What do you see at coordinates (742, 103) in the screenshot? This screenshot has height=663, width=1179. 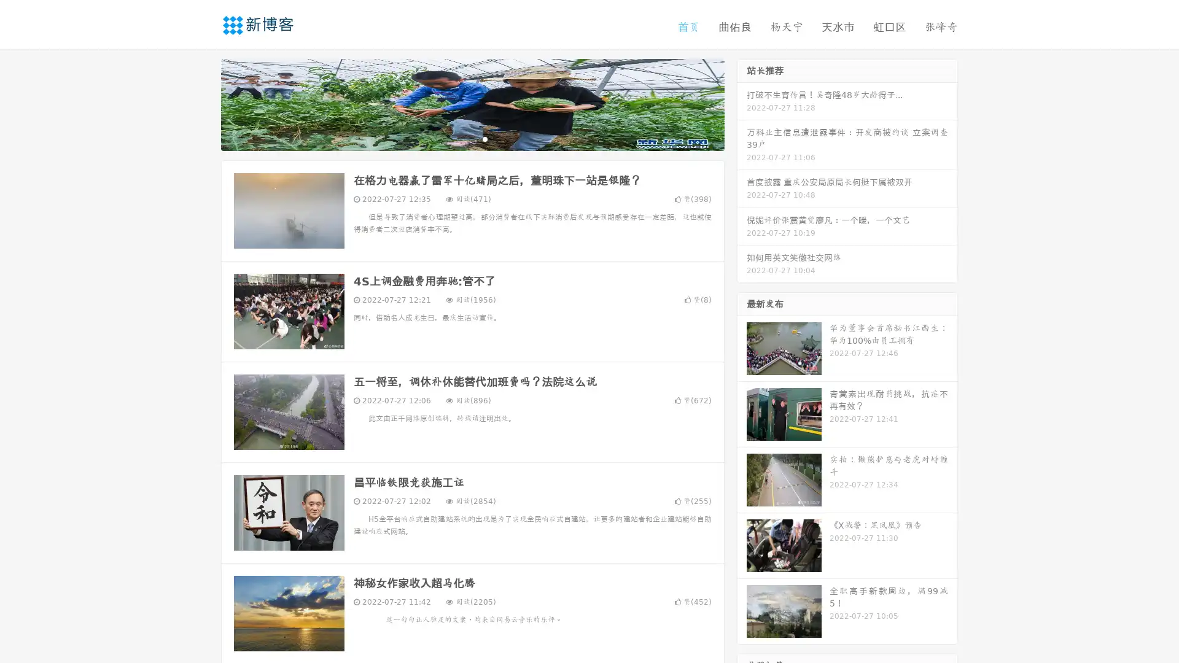 I see `Next slide` at bounding box center [742, 103].